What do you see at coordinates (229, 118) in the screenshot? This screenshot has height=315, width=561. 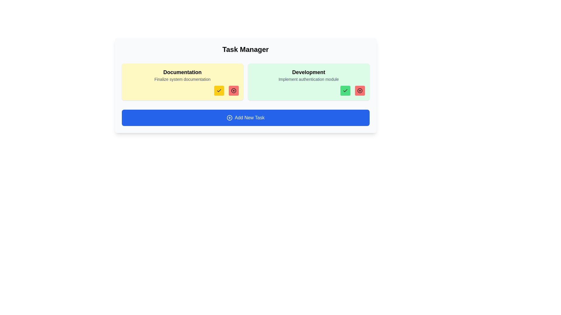 I see `the circular part of the 'plus in circle' icon within the SVG graphic on the blue 'Add New Task' button` at bounding box center [229, 118].